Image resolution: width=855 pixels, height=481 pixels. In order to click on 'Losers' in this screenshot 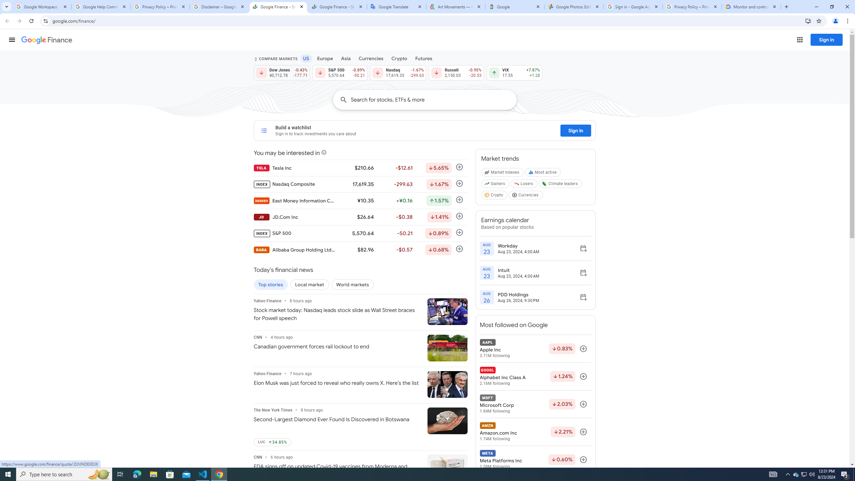, I will do `click(524, 185)`.